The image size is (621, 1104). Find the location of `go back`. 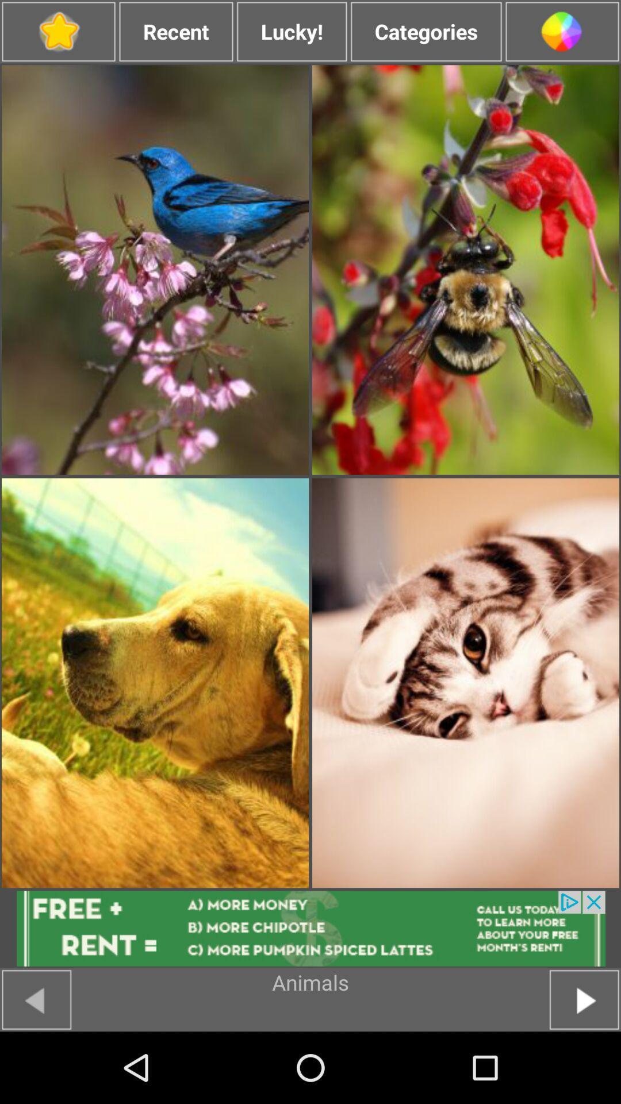

go back is located at coordinates (36, 999).